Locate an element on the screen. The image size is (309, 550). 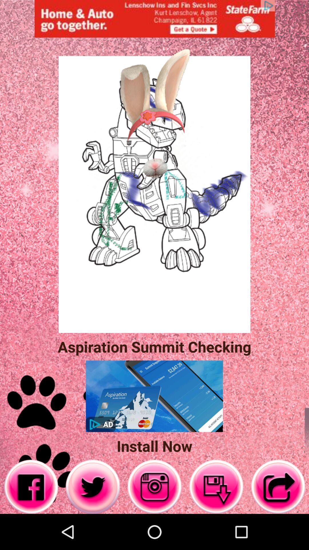
the right button of twitter button is located at coordinates (154, 486).